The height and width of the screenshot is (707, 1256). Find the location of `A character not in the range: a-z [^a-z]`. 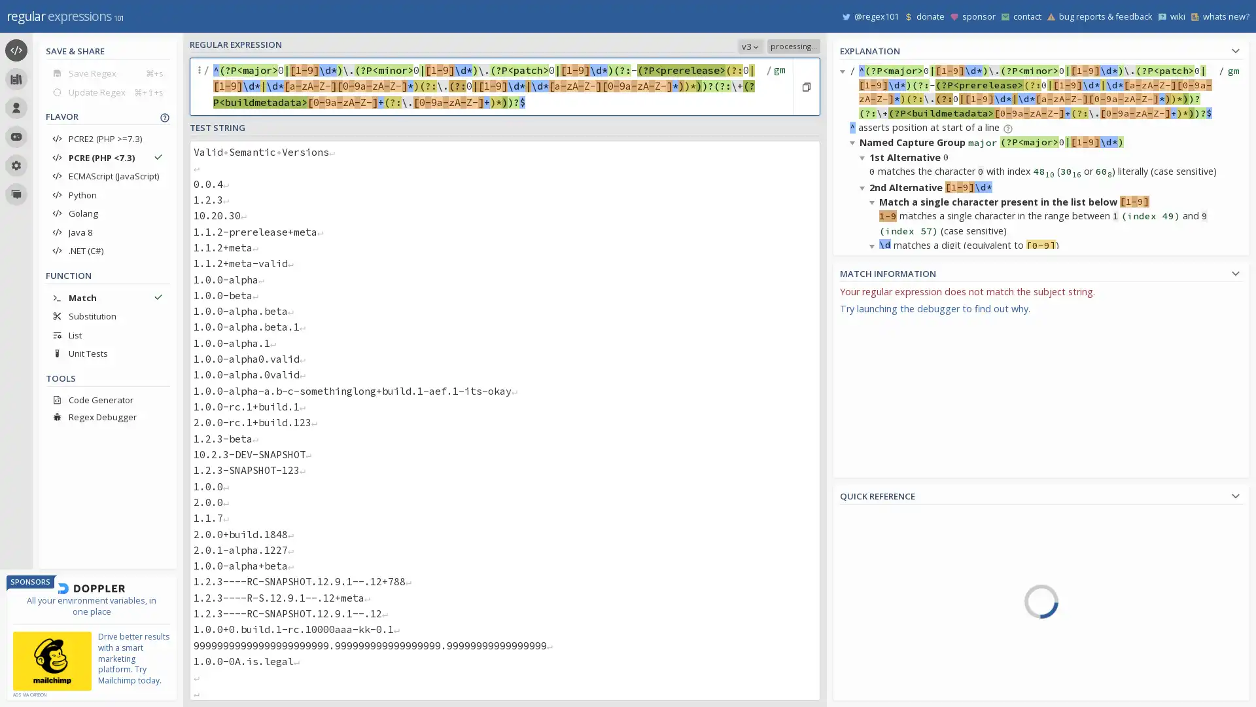

A character not in the range: a-z [^a-z] is located at coordinates (1106, 573).